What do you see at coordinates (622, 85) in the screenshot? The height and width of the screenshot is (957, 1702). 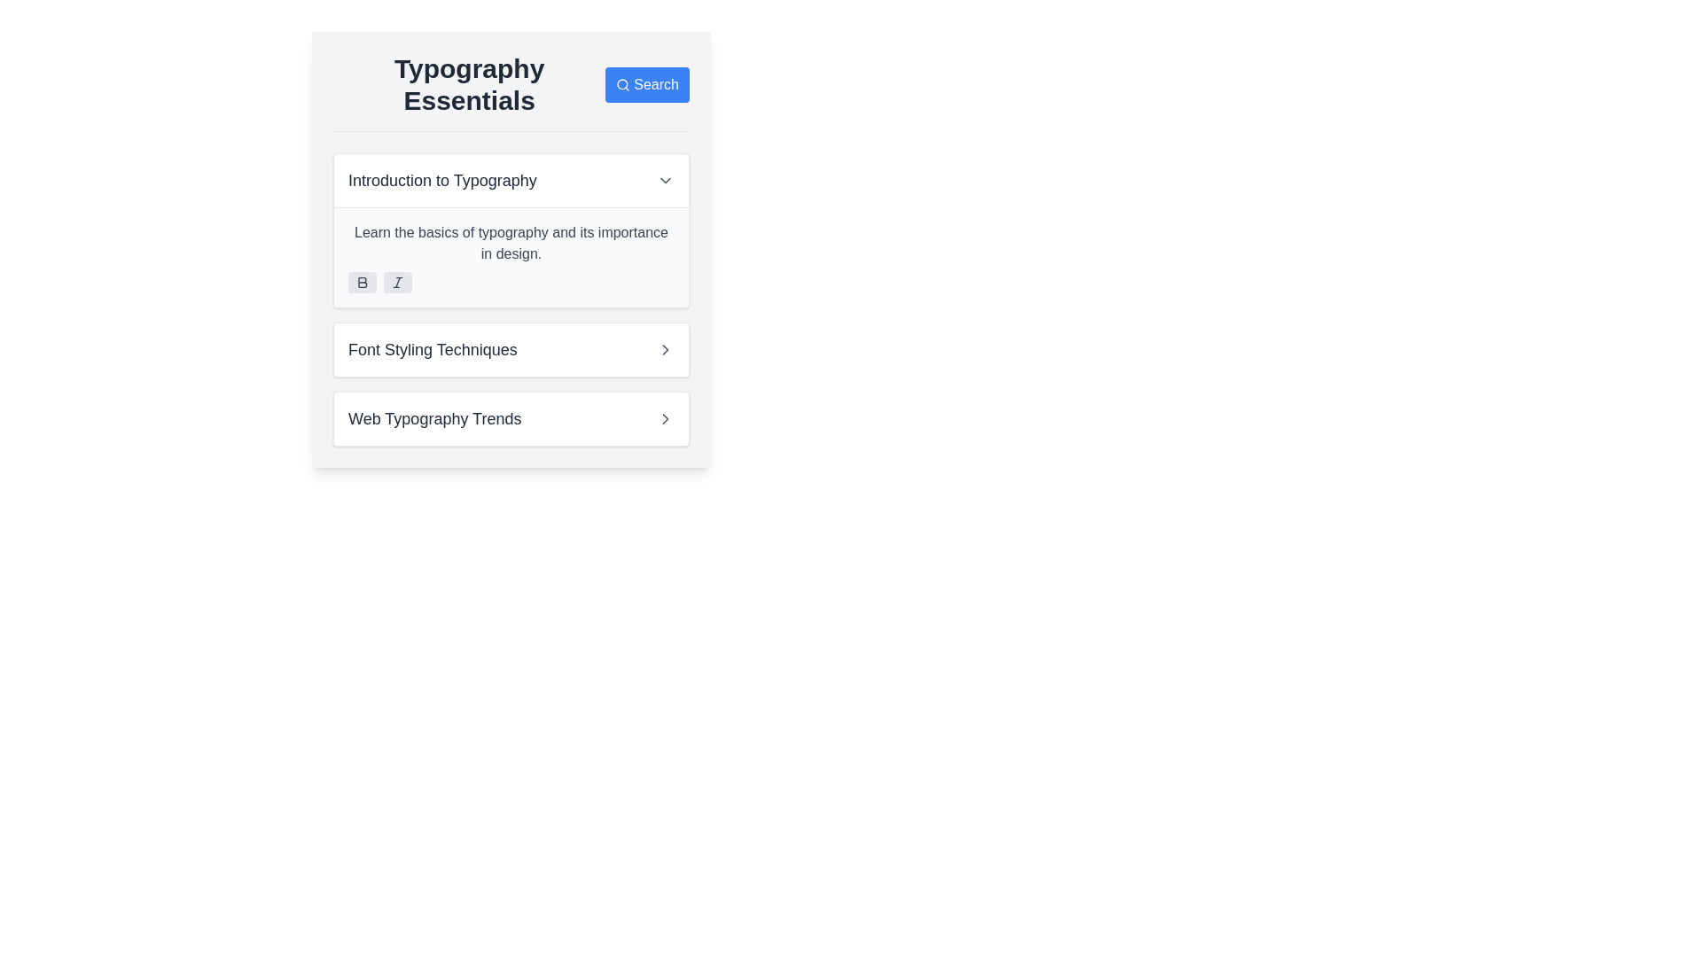 I see `the circular search icon located within the blue 'Search' button to initiate search` at bounding box center [622, 85].